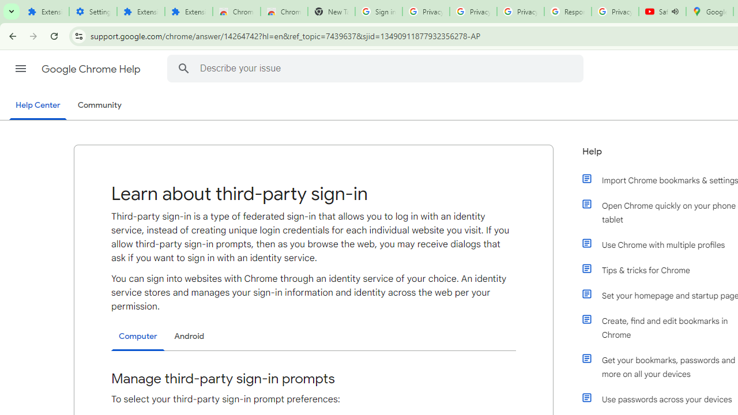  What do you see at coordinates (138, 337) in the screenshot?
I see `'Computer'` at bounding box center [138, 337].